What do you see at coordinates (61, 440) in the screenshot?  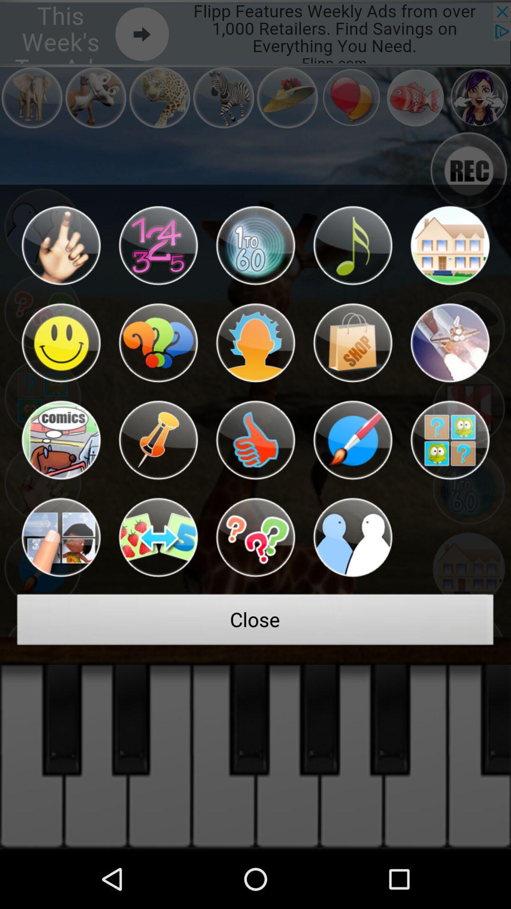 I see `emoji` at bounding box center [61, 440].